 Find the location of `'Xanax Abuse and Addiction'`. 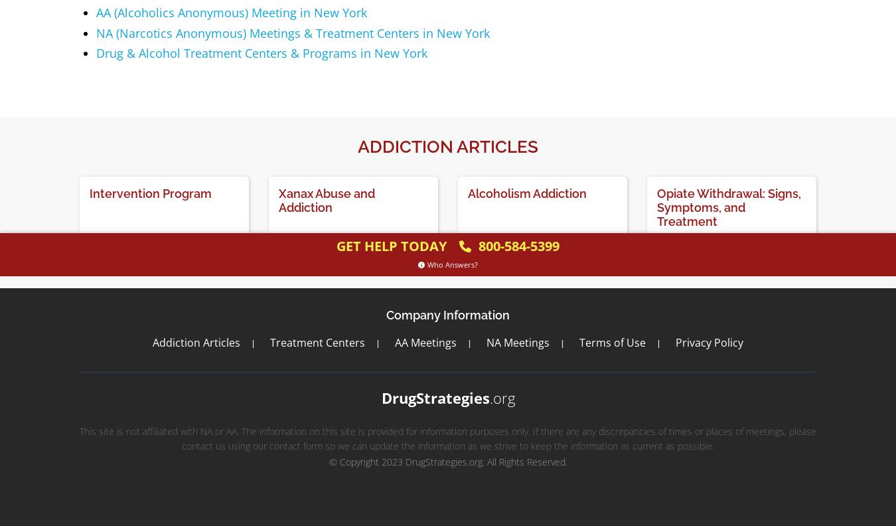

'Xanax Abuse and Addiction' is located at coordinates (326, 199).